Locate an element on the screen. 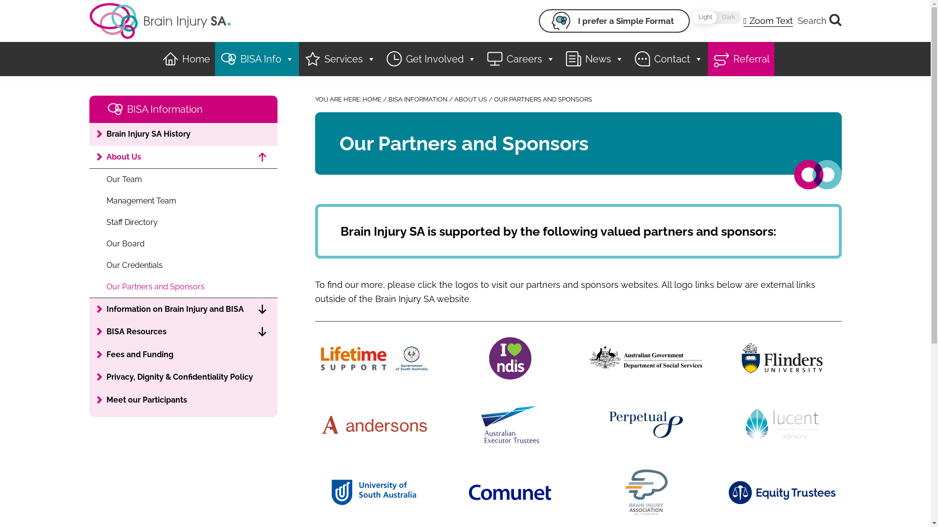  'Our Board' is located at coordinates (183, 243).